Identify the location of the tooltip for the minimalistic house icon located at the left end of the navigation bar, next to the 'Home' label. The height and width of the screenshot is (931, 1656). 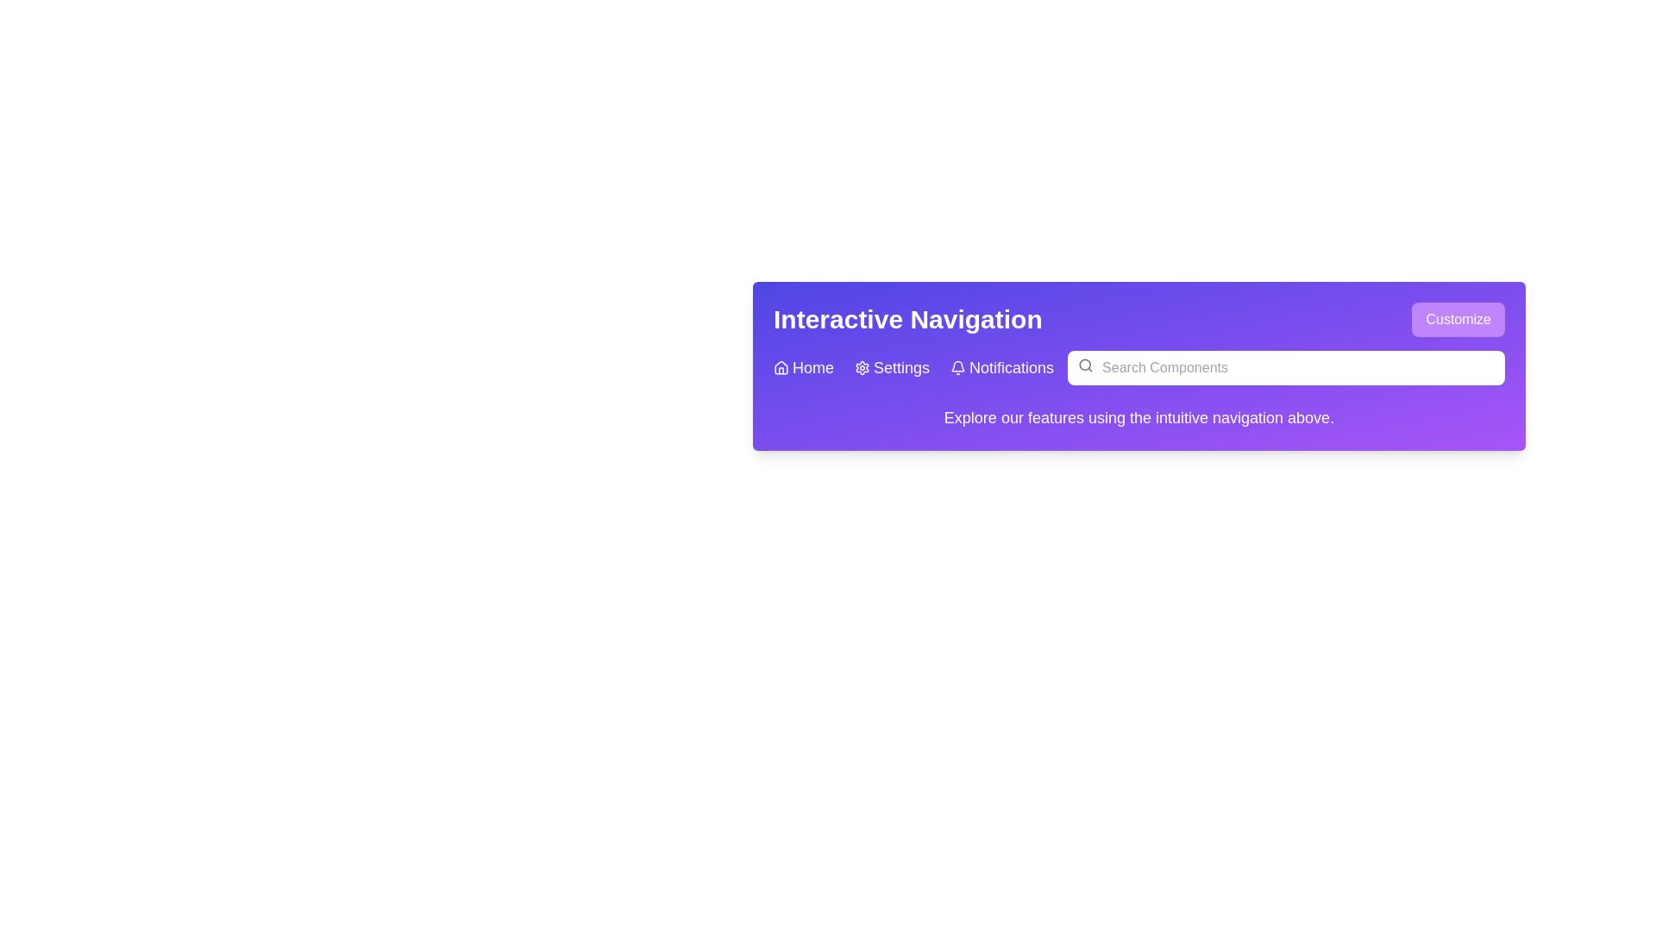
(781, 366).